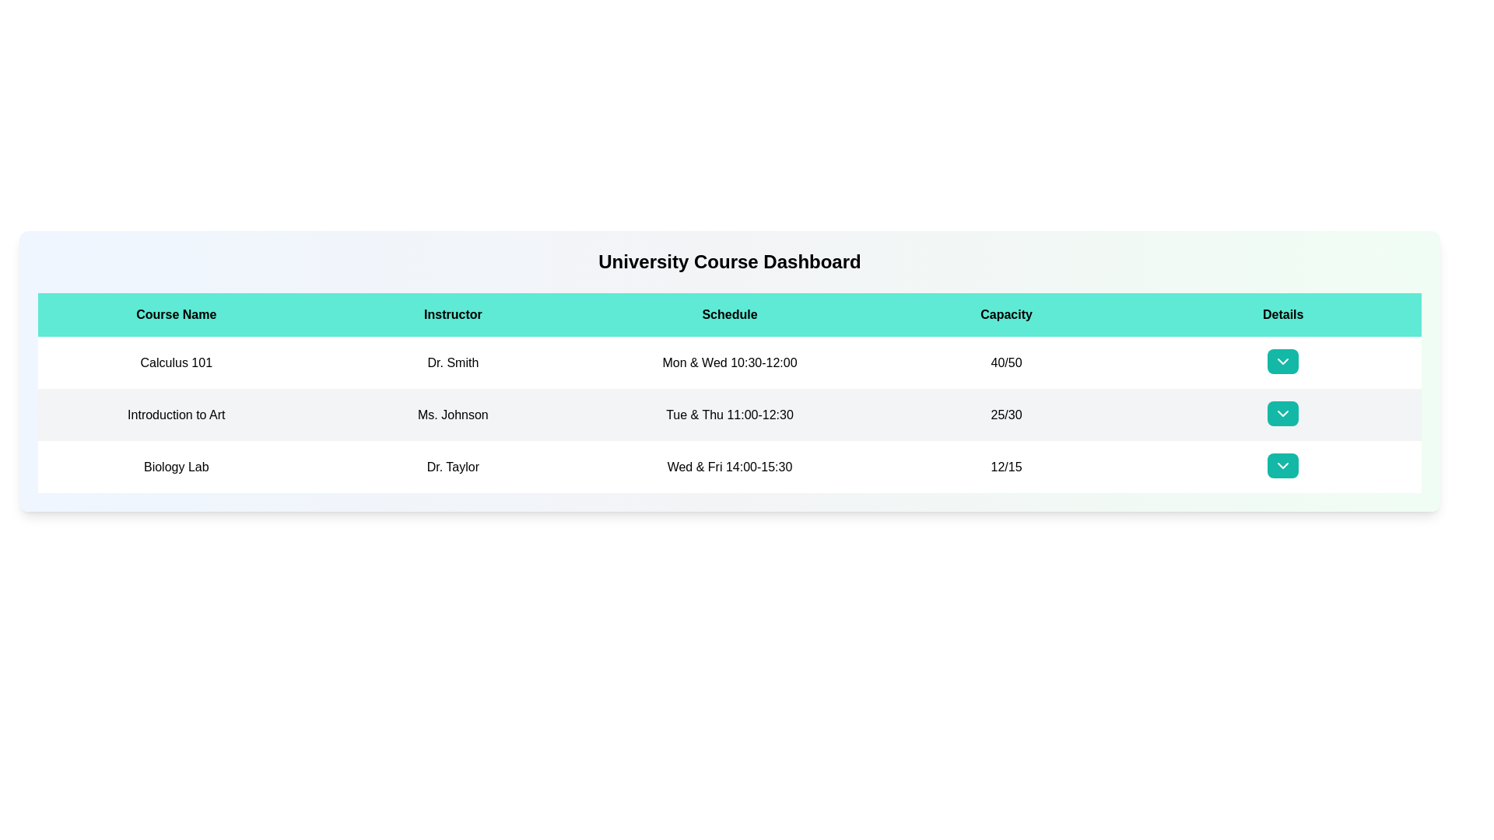 Image resolution: width=1494 pixels, height=840 pixels. I want to click on fifth header cell of the table, which indicates the purpose of the last column for providing additional details about the rows, so click(1283, 315).